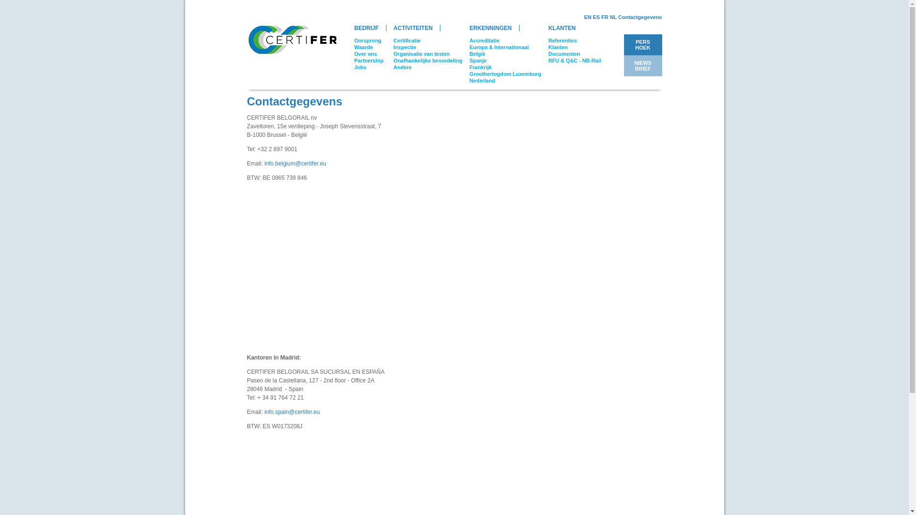 The height and width of the screenshot is (515, 916). What do you see at coordinates (394, 67) in the screenshot?
I see `'Andere'` at bounding box center [394, 67].